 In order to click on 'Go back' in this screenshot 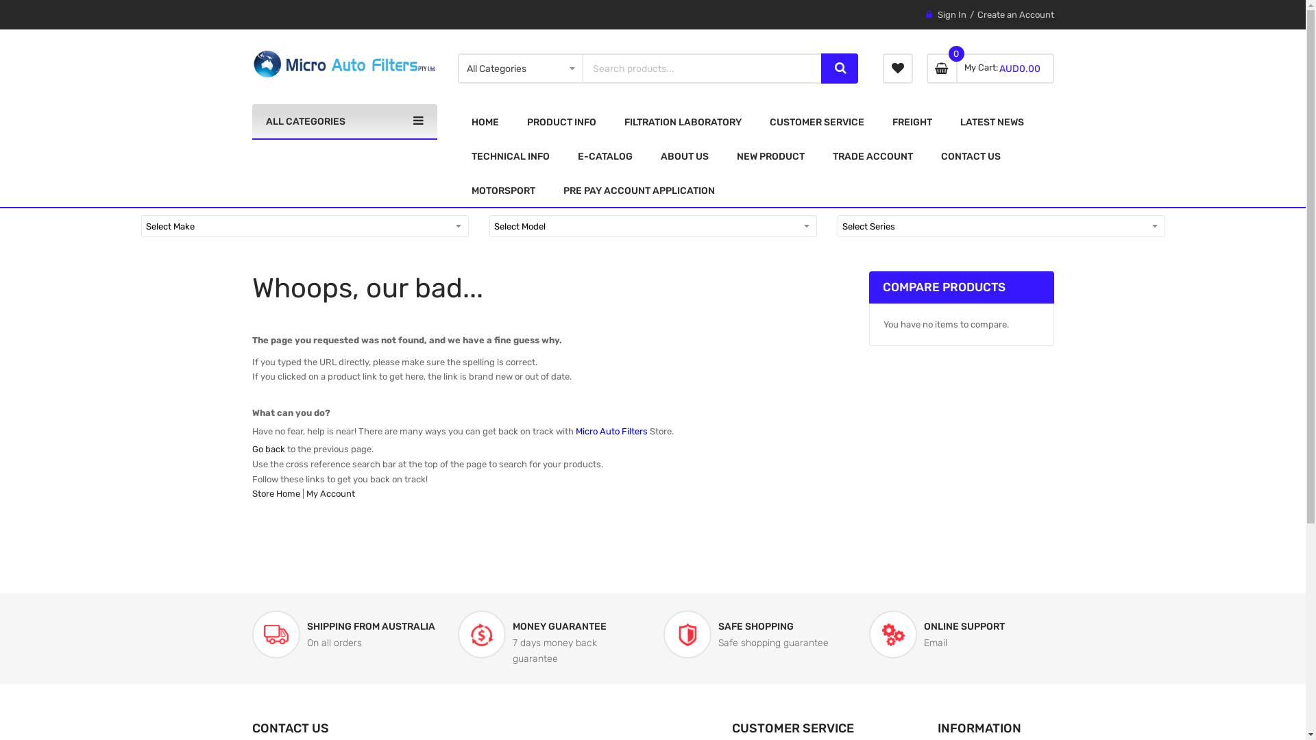, I will do `click(269, 449)`.